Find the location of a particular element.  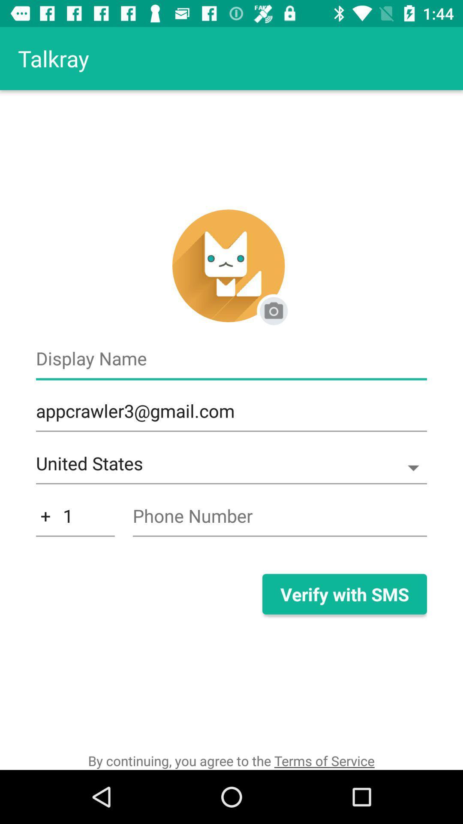

united states icon is located at coordinates (231, 467).